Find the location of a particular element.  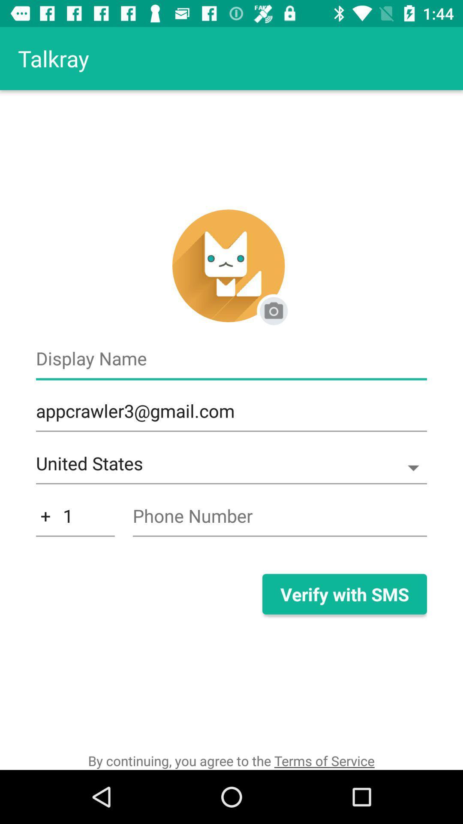

united states icon is located at coordinates (231, 467).